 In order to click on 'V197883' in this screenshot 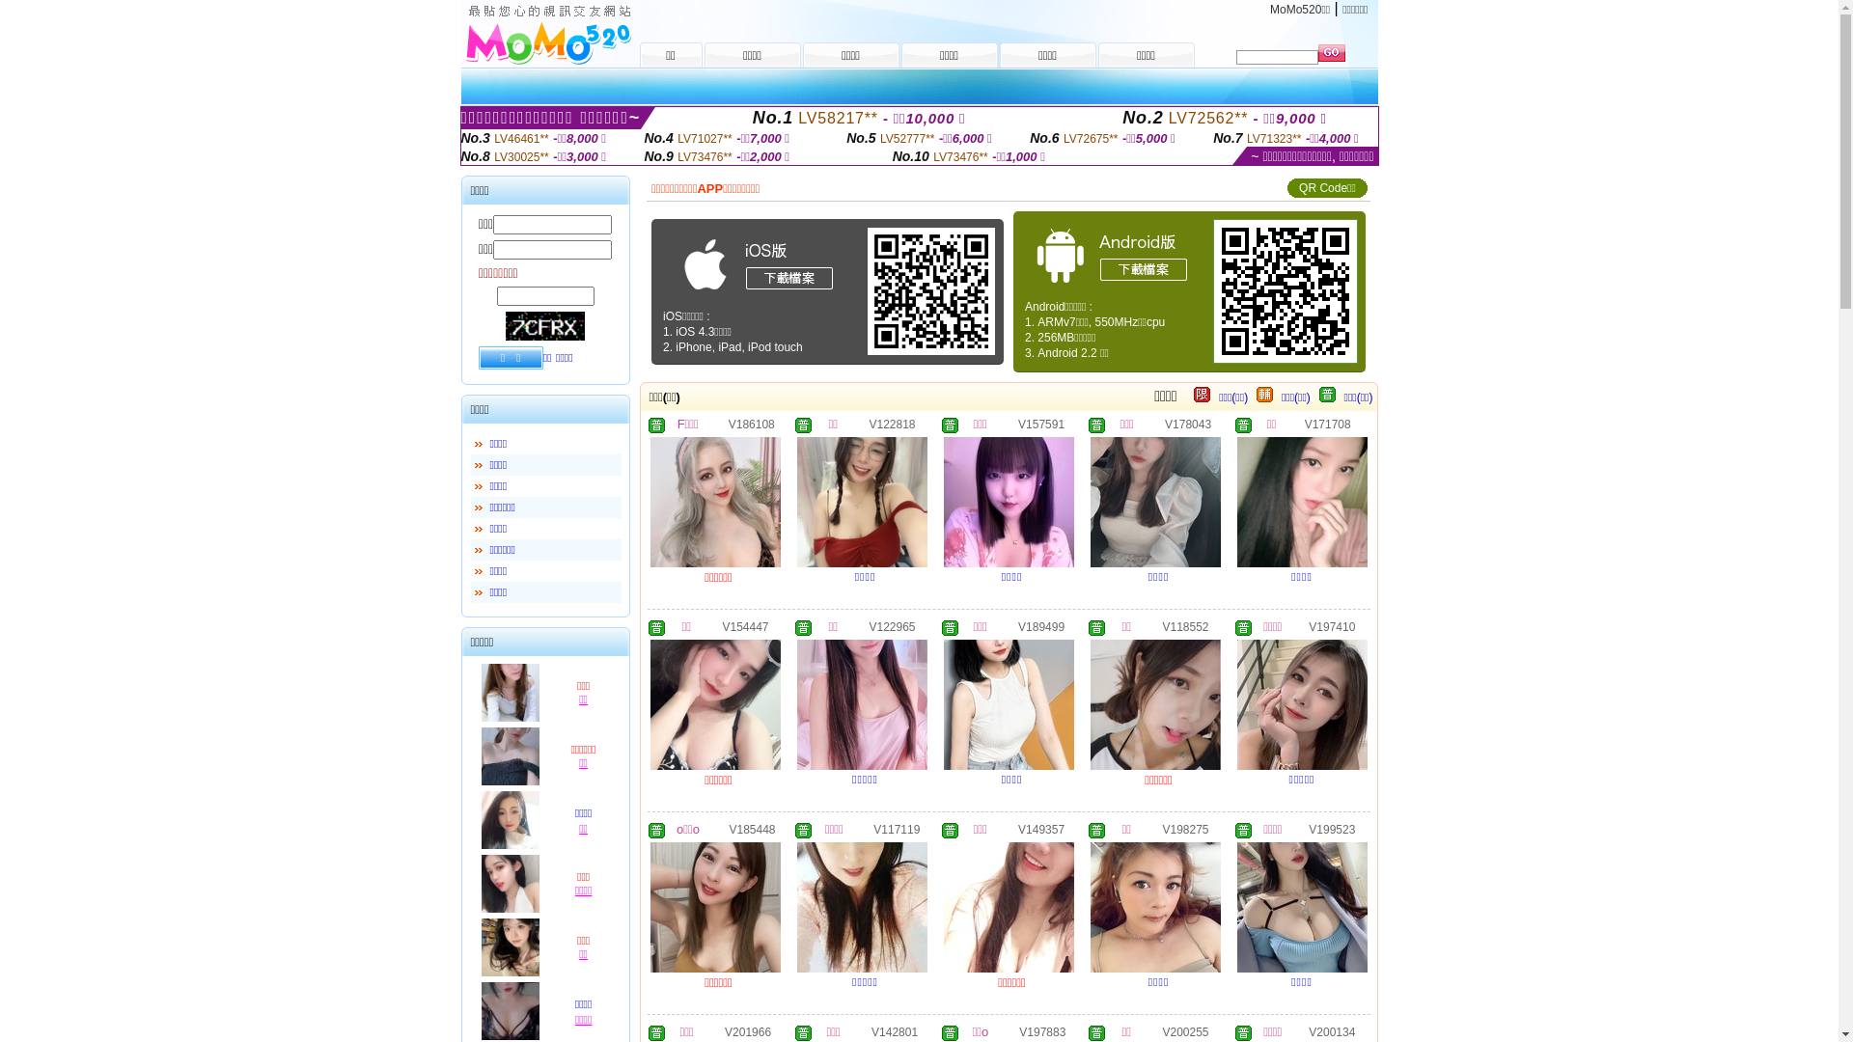, I will do `click(1041, 1029)`.